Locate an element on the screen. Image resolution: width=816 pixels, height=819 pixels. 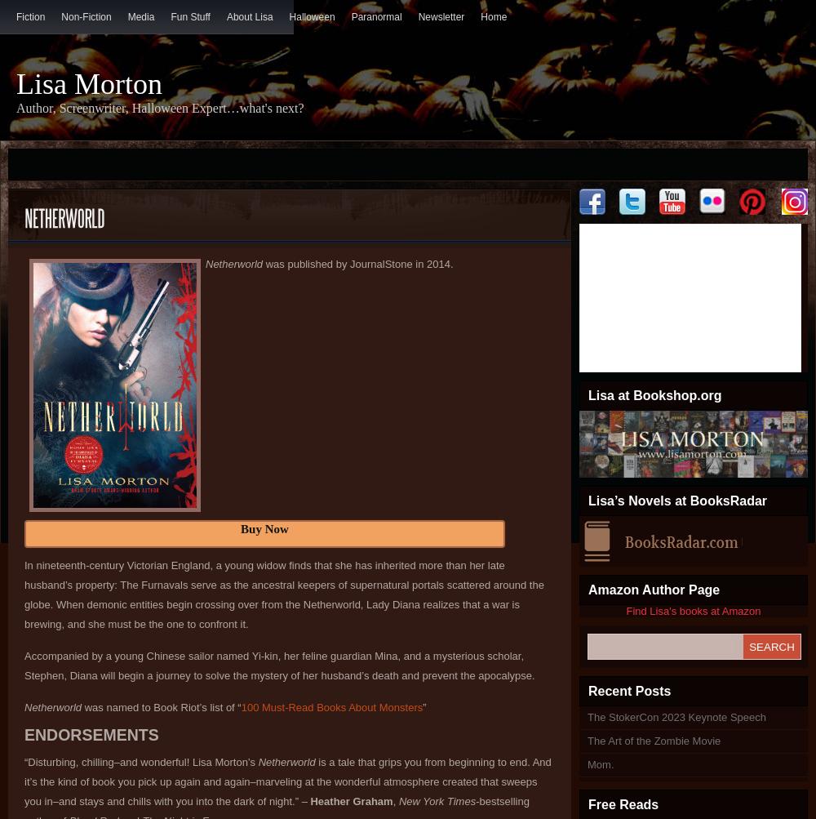
'Recent Posts' is located at coordinates (629, 691).